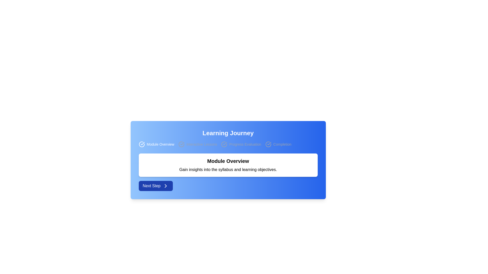 This screenshot has height=274, width=488. What do you see at coordinates (160, 144) in the screenshot?
I see `the text label that reads 'Module Overview', which is styled with a small font and aligned horizontally next to icons, specifically positioned to the right of a checkmark icon` at bounding box center [160, 144].